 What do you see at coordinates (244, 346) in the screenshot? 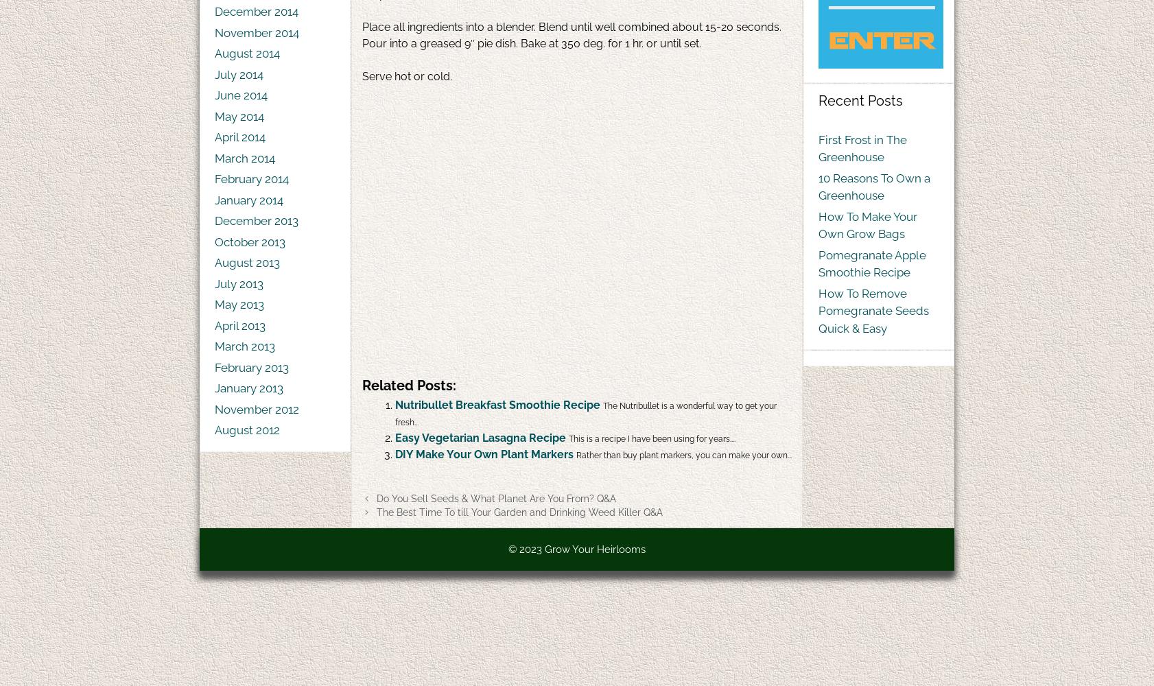
I see `'March 2013'` at bounding box center [244, 346].